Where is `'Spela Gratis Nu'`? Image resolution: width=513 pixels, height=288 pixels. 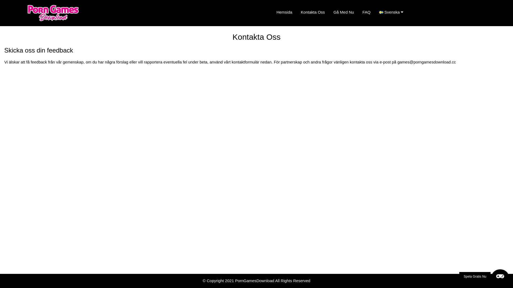 'Spela Gratis Nu' is located at coordinates (484, 276).